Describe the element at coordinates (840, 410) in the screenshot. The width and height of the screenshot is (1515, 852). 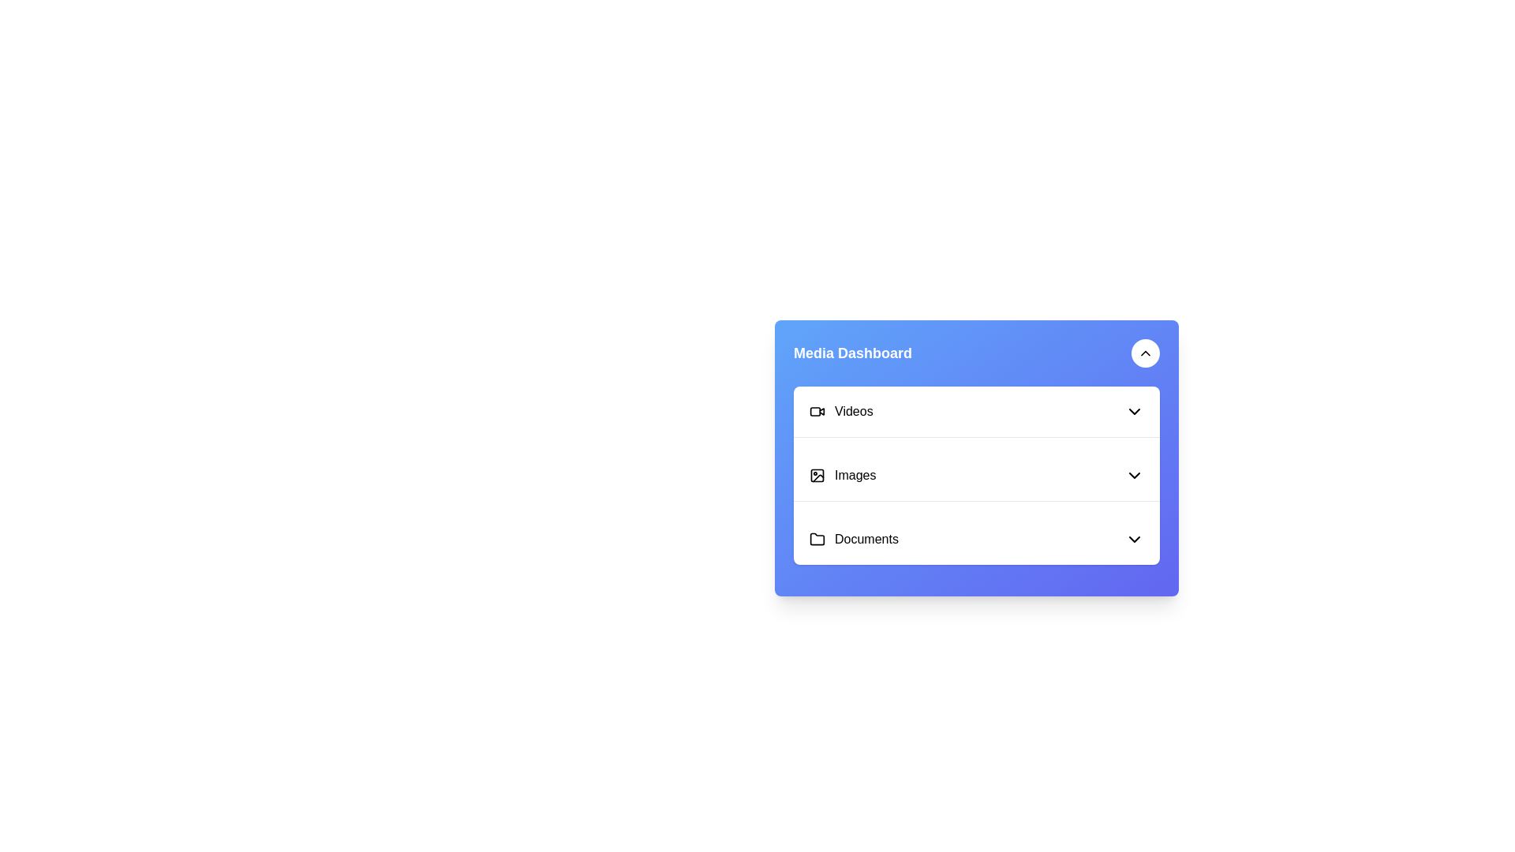
I see `the 'Videos' menu item, which is the topmost element` at that location.